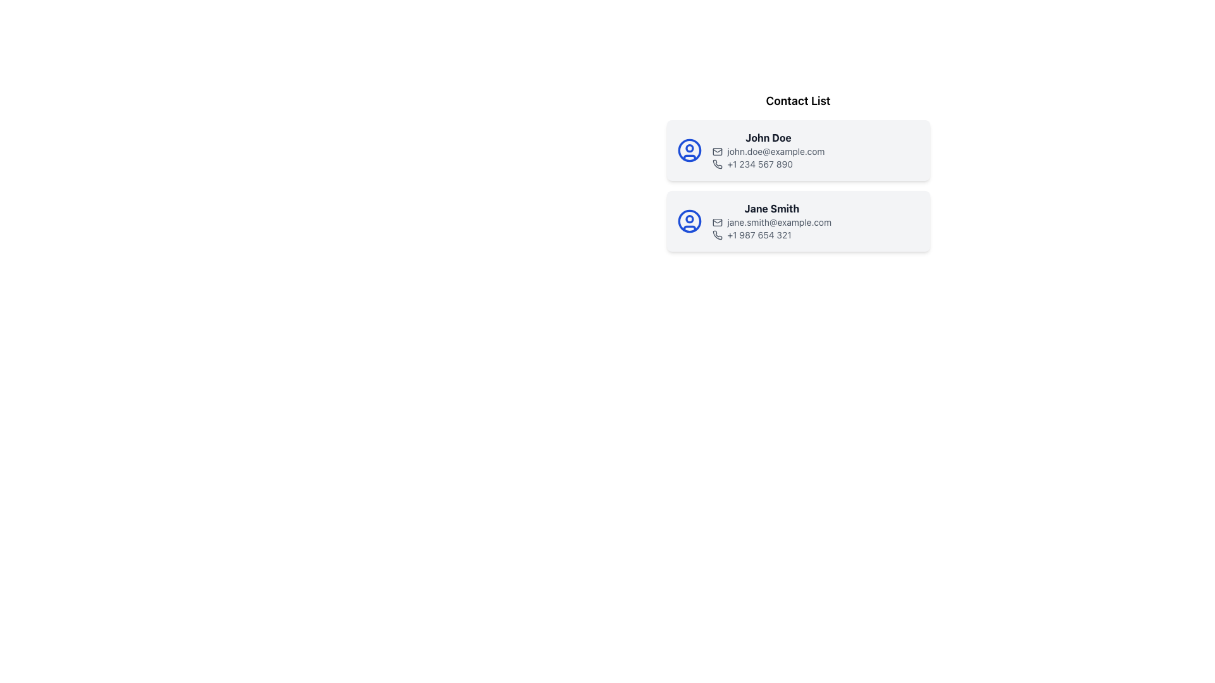 This screenshot has width=1215, height=683. What do you see at coordinates (688, 150) in the screenshot?
I see `the SVG-based user profile icon representing 'John Doe', located to the left of the contact name within the first contact card` at bounding box center [688, 150].